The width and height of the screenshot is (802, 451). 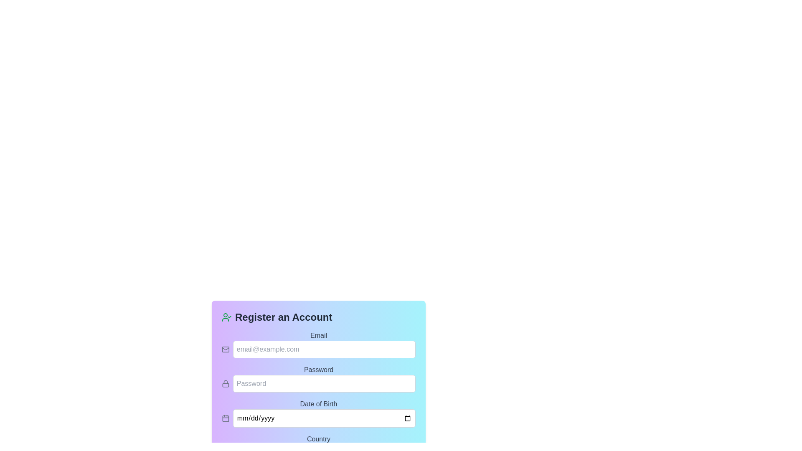 What do you see at coordinates (226, 317) in the screenshot?
I see `the non-interactive icon that symbolizes the user registration process, located at the top-left corner of the 'Register an Account' form, next to the heading` at bounding box center [226, 317].